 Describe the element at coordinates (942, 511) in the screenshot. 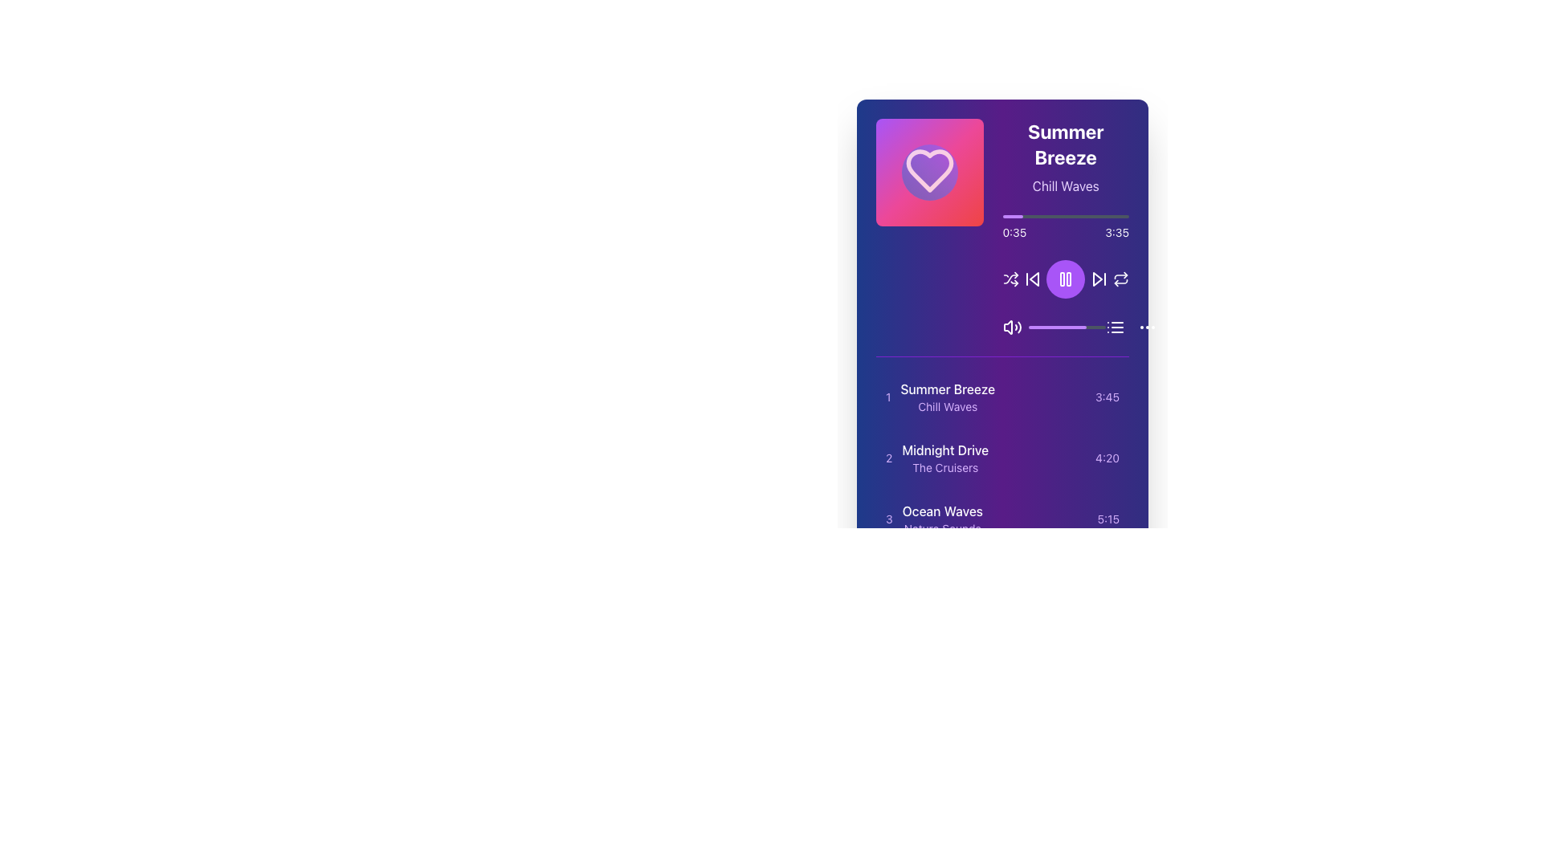

I see `the text label displaying 'Ocean Waves', which is the title of the third item in a vertically-ordered list, styled with white text on a gradient background from purple to blue` at that location.